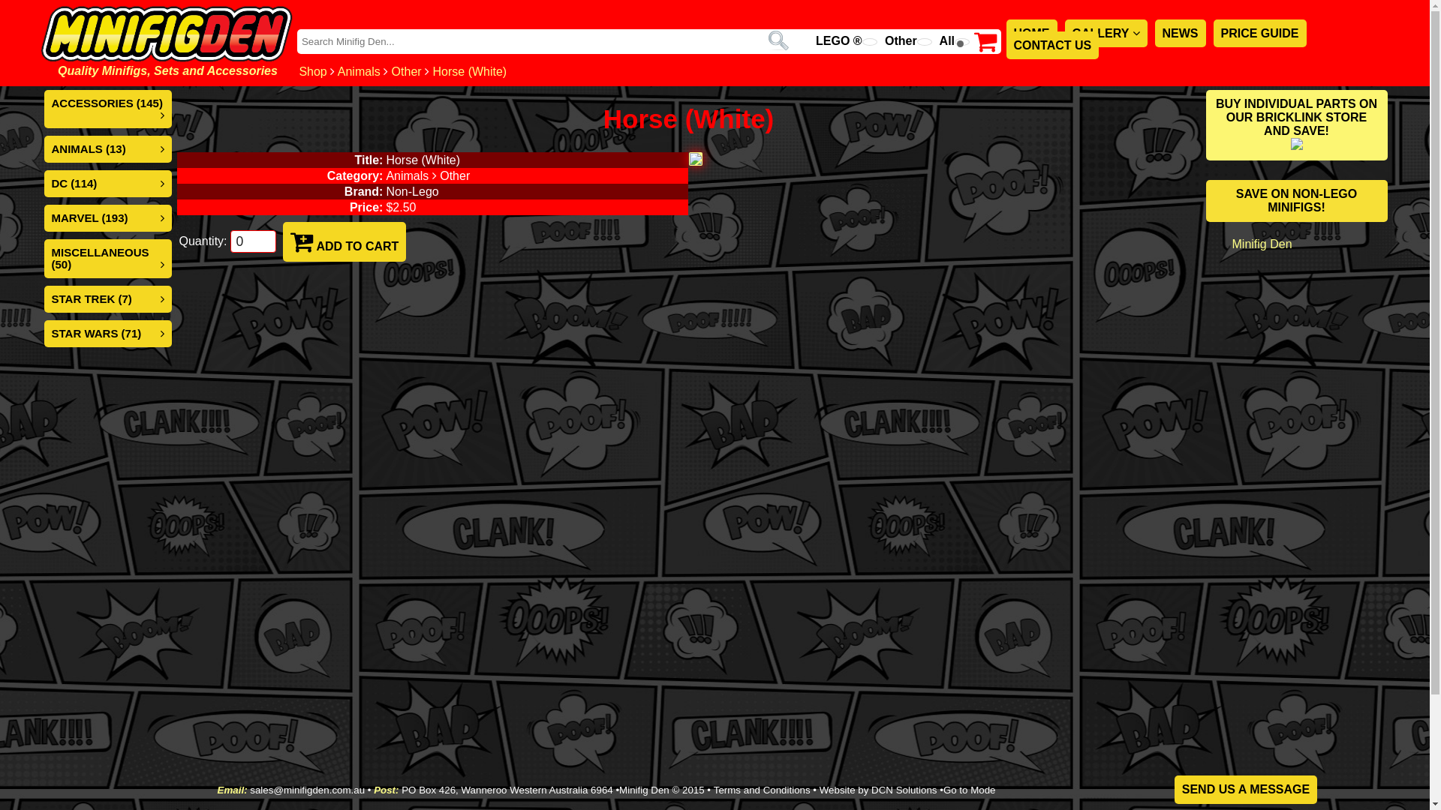 This screenshot has width=1441, height=810. Describe the element at coordinates (1106, 33) in the screenshot. I see `'GALLERY'` at that location.